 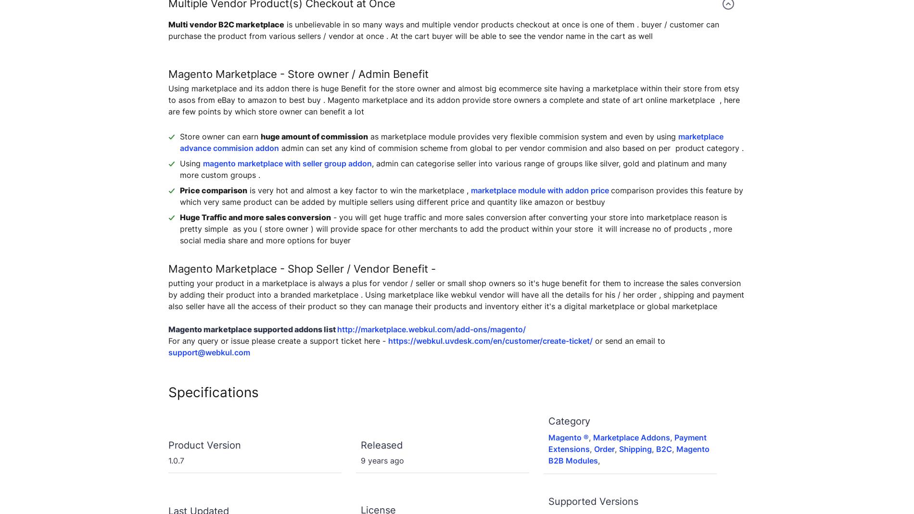 What do you see at coordinates (628, 340) in the screenshot?
I see `'or send an email to'` at bounding box center [628, 340].